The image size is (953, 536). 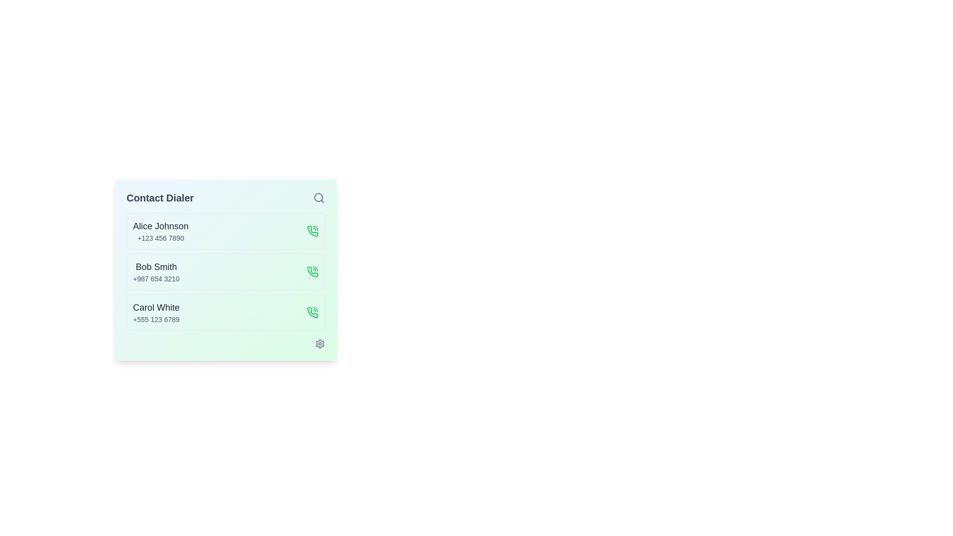 I want to click on the second contact entry in the 'Contact Dialer' interface, which displays the name and phone number of an individual, positioned between 'Alice Johnson' and 'Carol White', so click(x=155, y=271).